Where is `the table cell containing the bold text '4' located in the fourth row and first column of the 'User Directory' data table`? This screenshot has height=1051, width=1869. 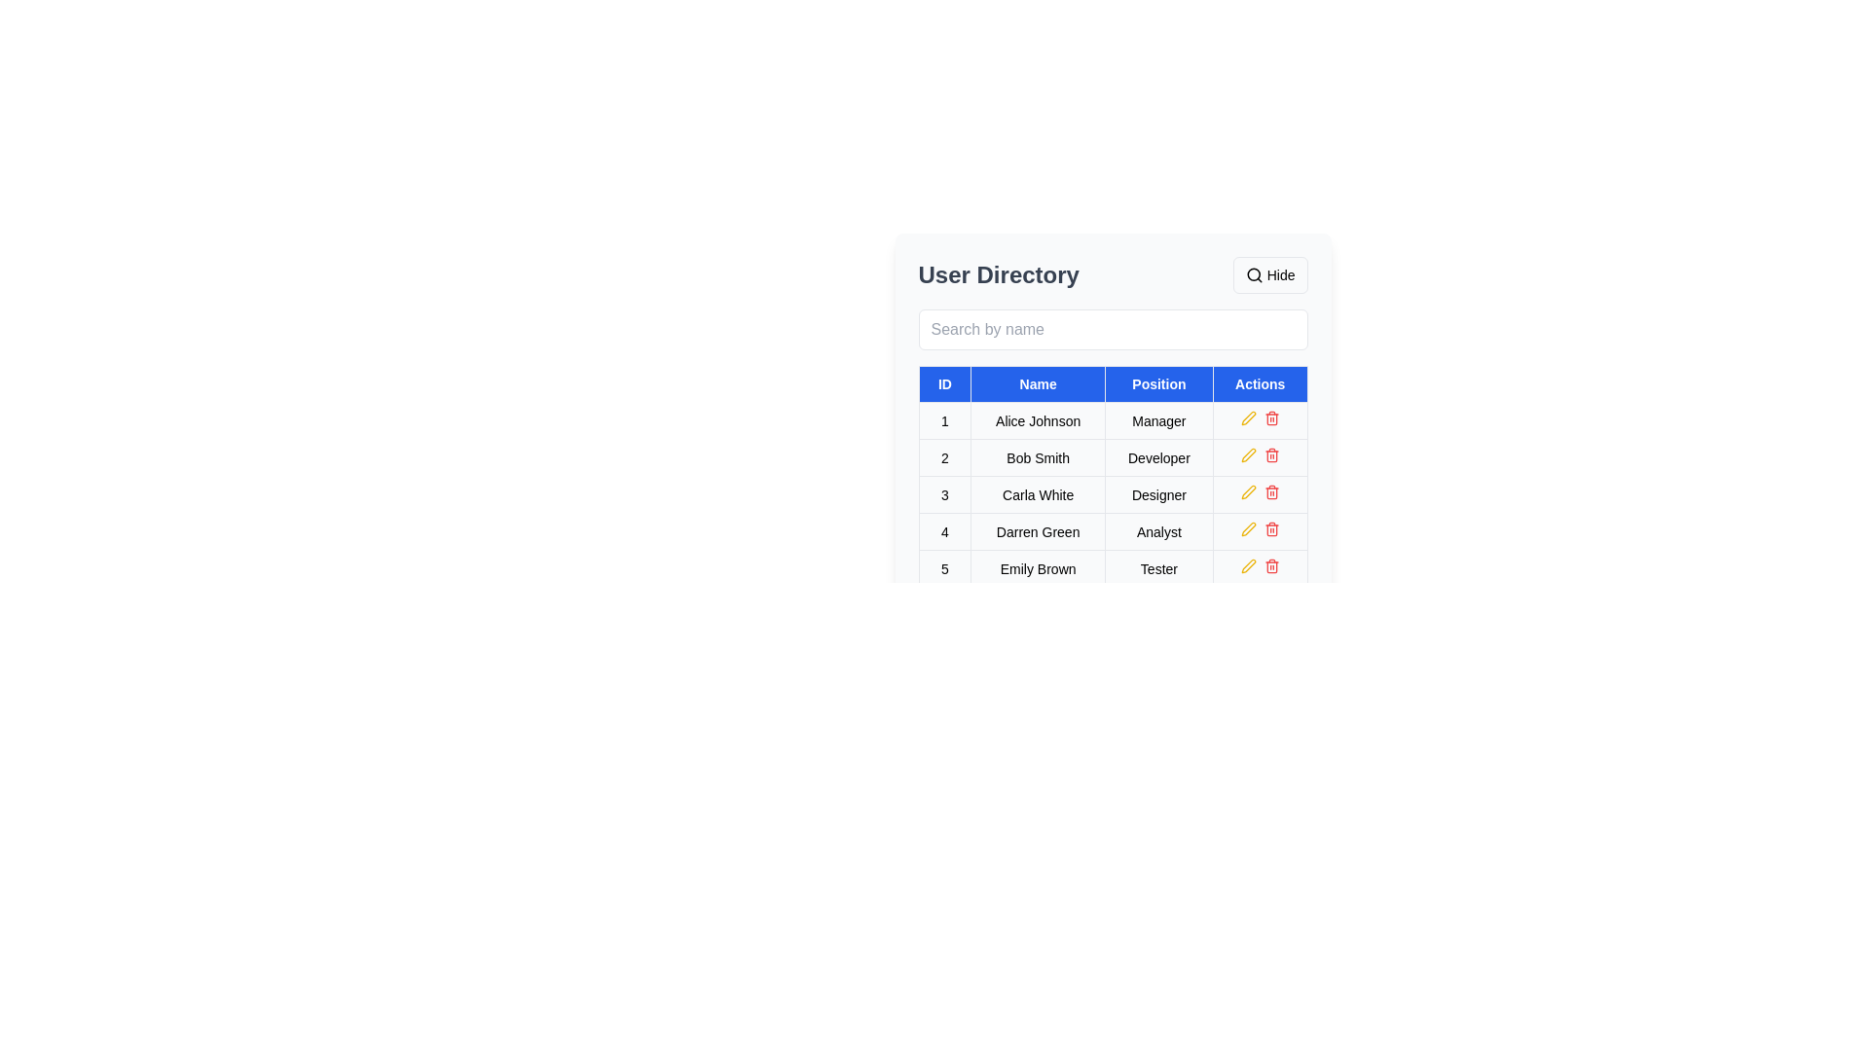
the table cell containing the bold text '4' located in the fourth row and first column of the 'User Directory' data table is located at coordinates (944, 531).